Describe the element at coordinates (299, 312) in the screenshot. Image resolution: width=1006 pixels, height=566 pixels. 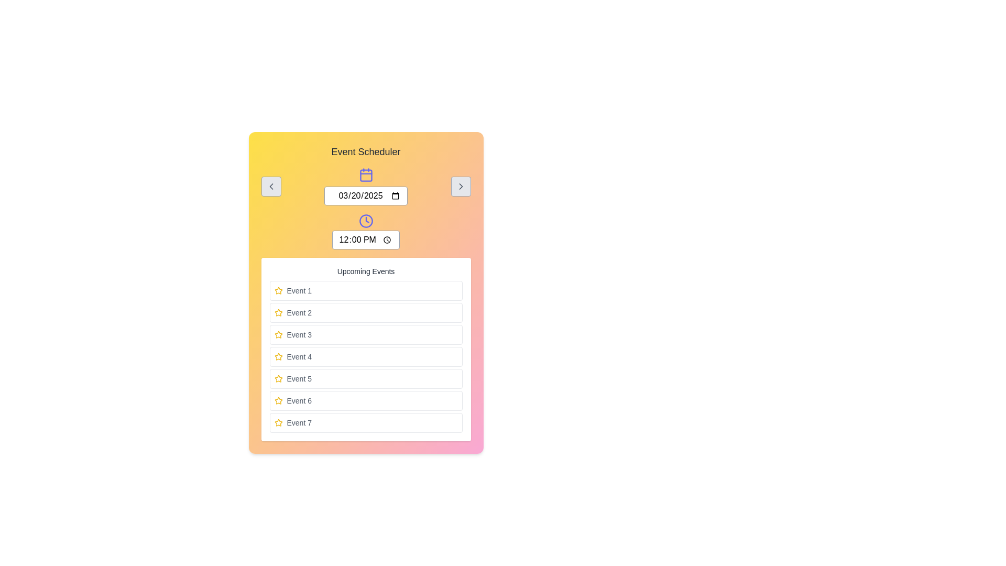
I see `the static text element that serves as a label for the second event in the 'Upcoming Events' panel, located beneath 'Event 1'` at that location.